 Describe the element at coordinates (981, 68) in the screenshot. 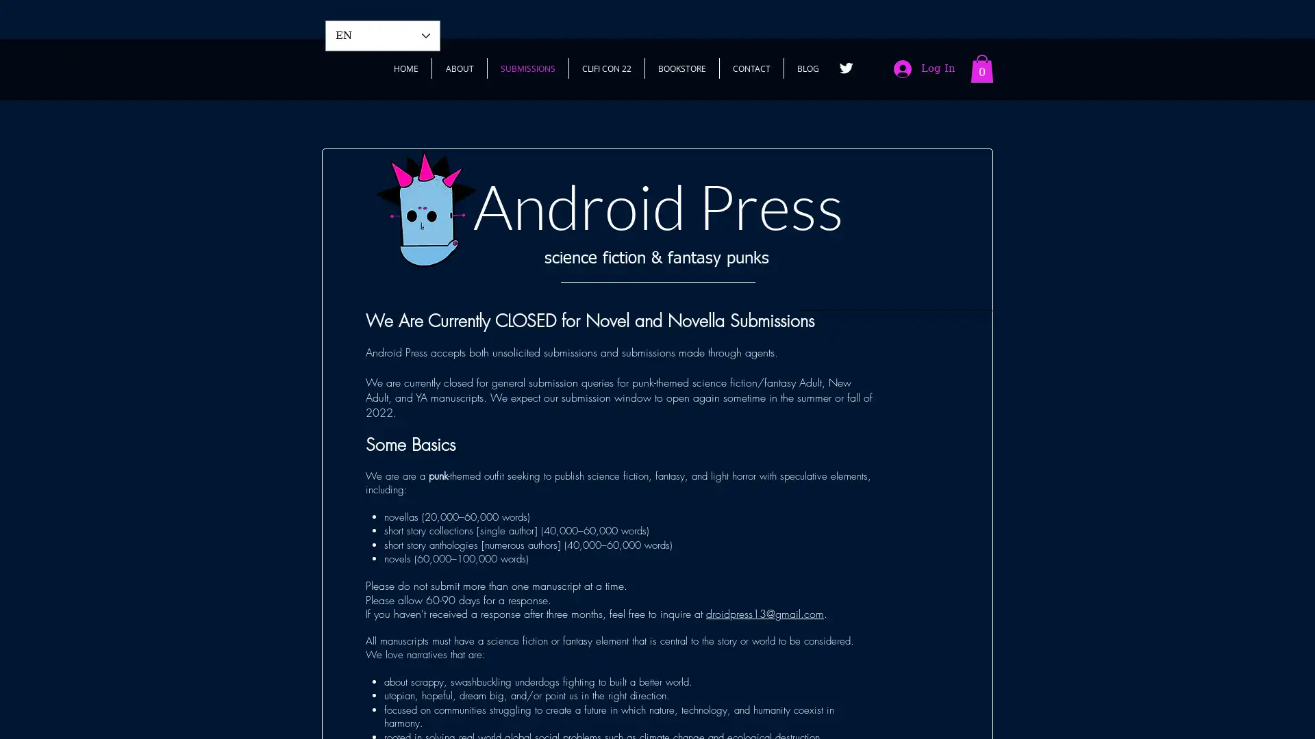

I see `Cart with 0 items` at that location.